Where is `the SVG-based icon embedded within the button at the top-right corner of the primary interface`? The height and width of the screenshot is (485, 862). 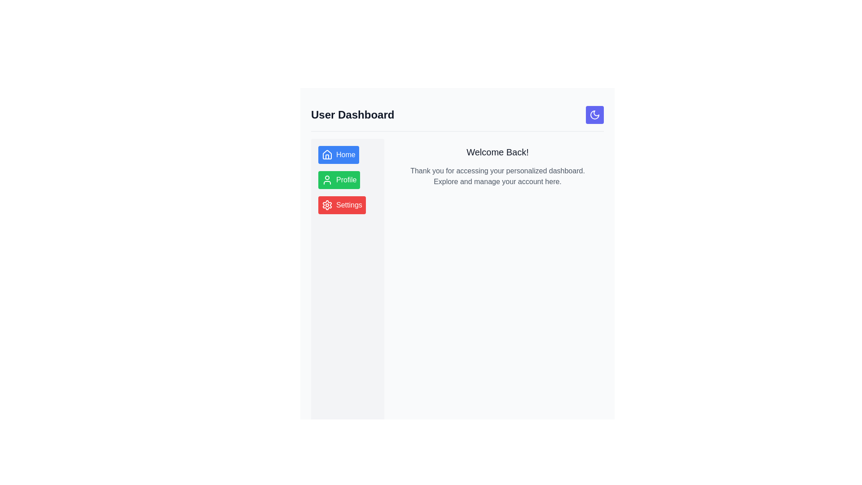 the SVG-based icon embedded within the button at the top-right corner of the primary interface is located at coordinates (594, 114).